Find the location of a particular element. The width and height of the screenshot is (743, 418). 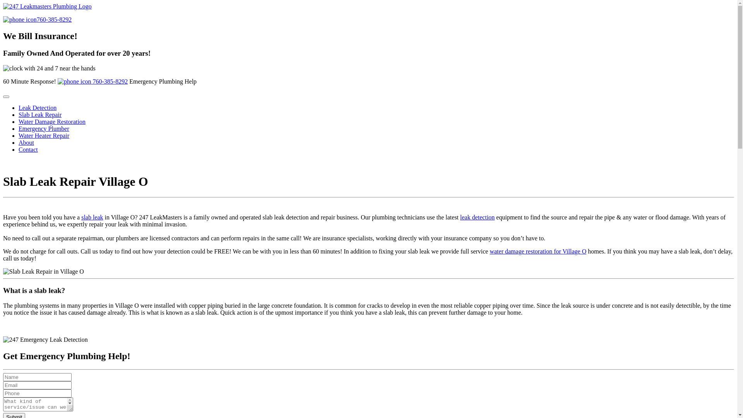

'slab leak' is located at coordinates (92, 217).